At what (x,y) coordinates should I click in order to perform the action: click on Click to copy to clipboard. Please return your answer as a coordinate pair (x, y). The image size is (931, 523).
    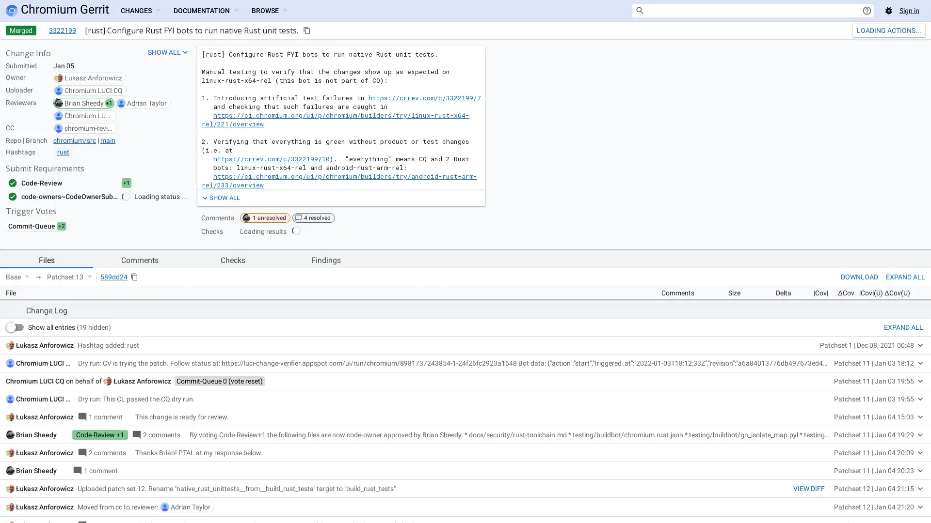
    Looking at the image, I should click on (306, 30).